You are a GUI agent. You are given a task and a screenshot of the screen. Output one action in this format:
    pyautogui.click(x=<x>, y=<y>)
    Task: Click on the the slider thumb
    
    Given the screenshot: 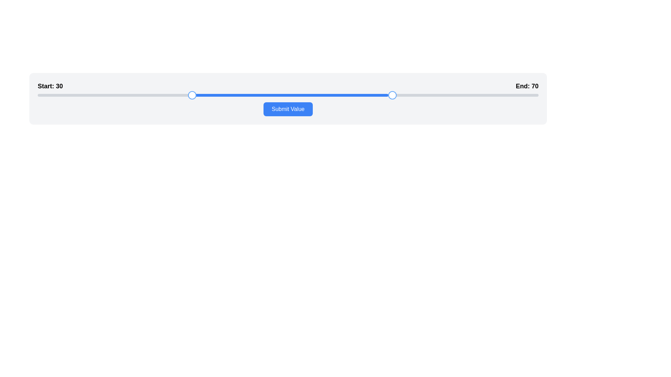 What is the action you would take?
    pyautogui.click(x=119, y=95)
    